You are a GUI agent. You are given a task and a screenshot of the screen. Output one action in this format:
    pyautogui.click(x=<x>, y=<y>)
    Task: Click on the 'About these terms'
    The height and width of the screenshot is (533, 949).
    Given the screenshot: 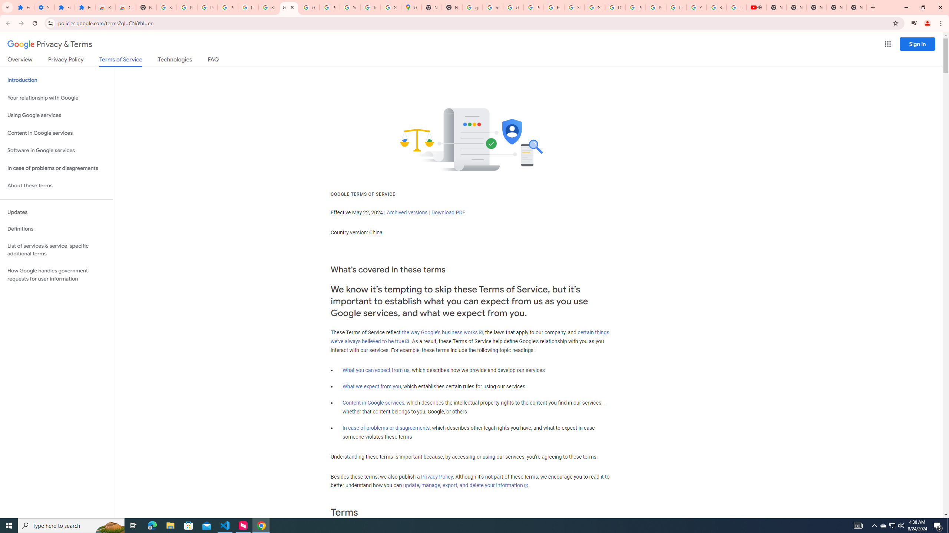 What is the action you would take?
    pyautogui.click(x=56, y=185)
    